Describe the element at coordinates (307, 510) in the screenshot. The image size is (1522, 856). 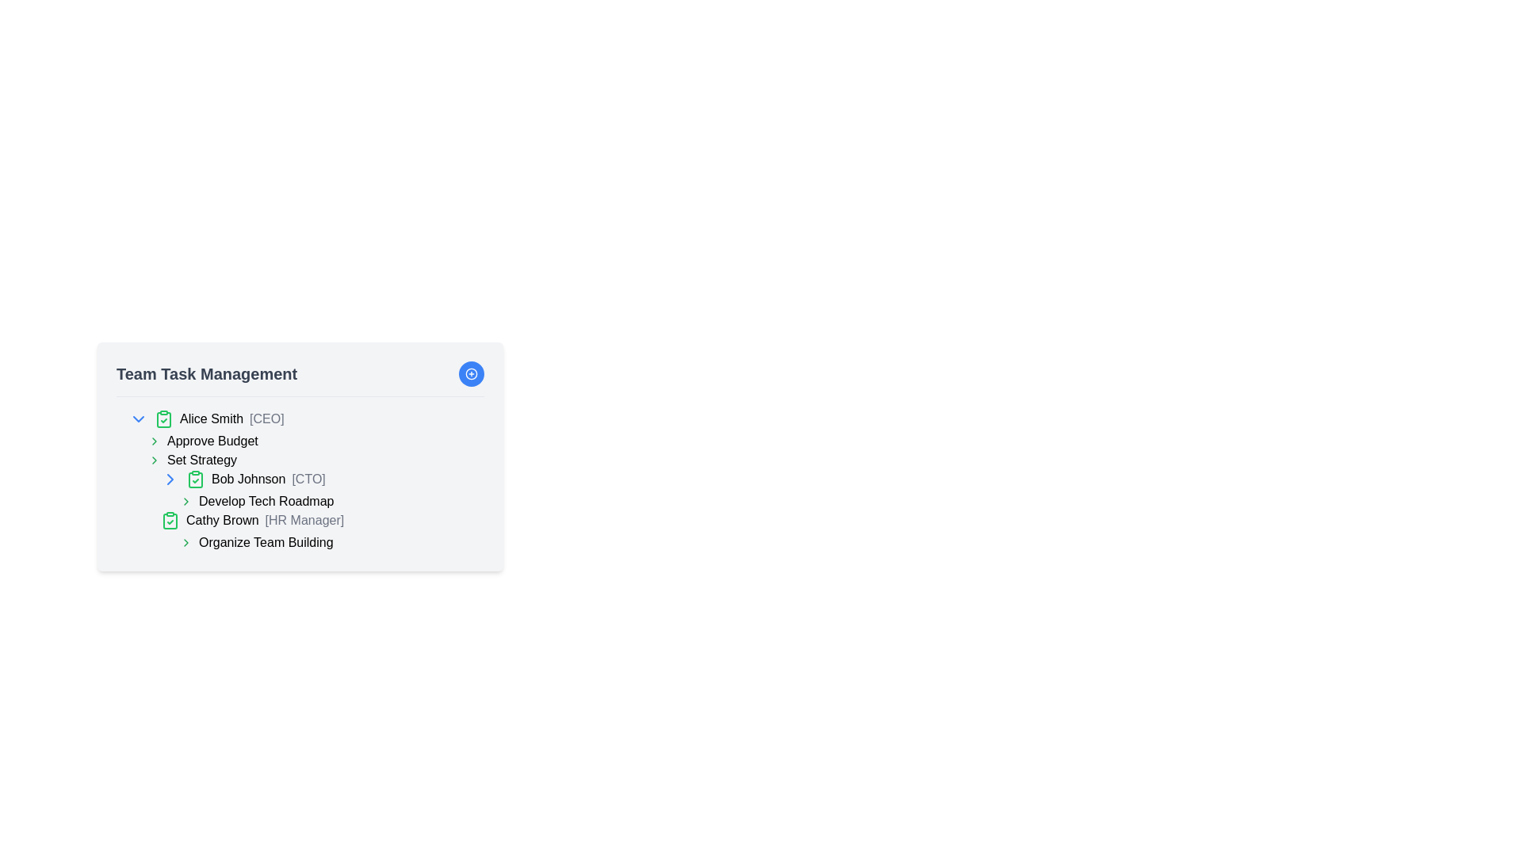
I see `the list item containing 'Bob Johnson [CTO]' and 'Develop Tech Roadmap'` at that location.